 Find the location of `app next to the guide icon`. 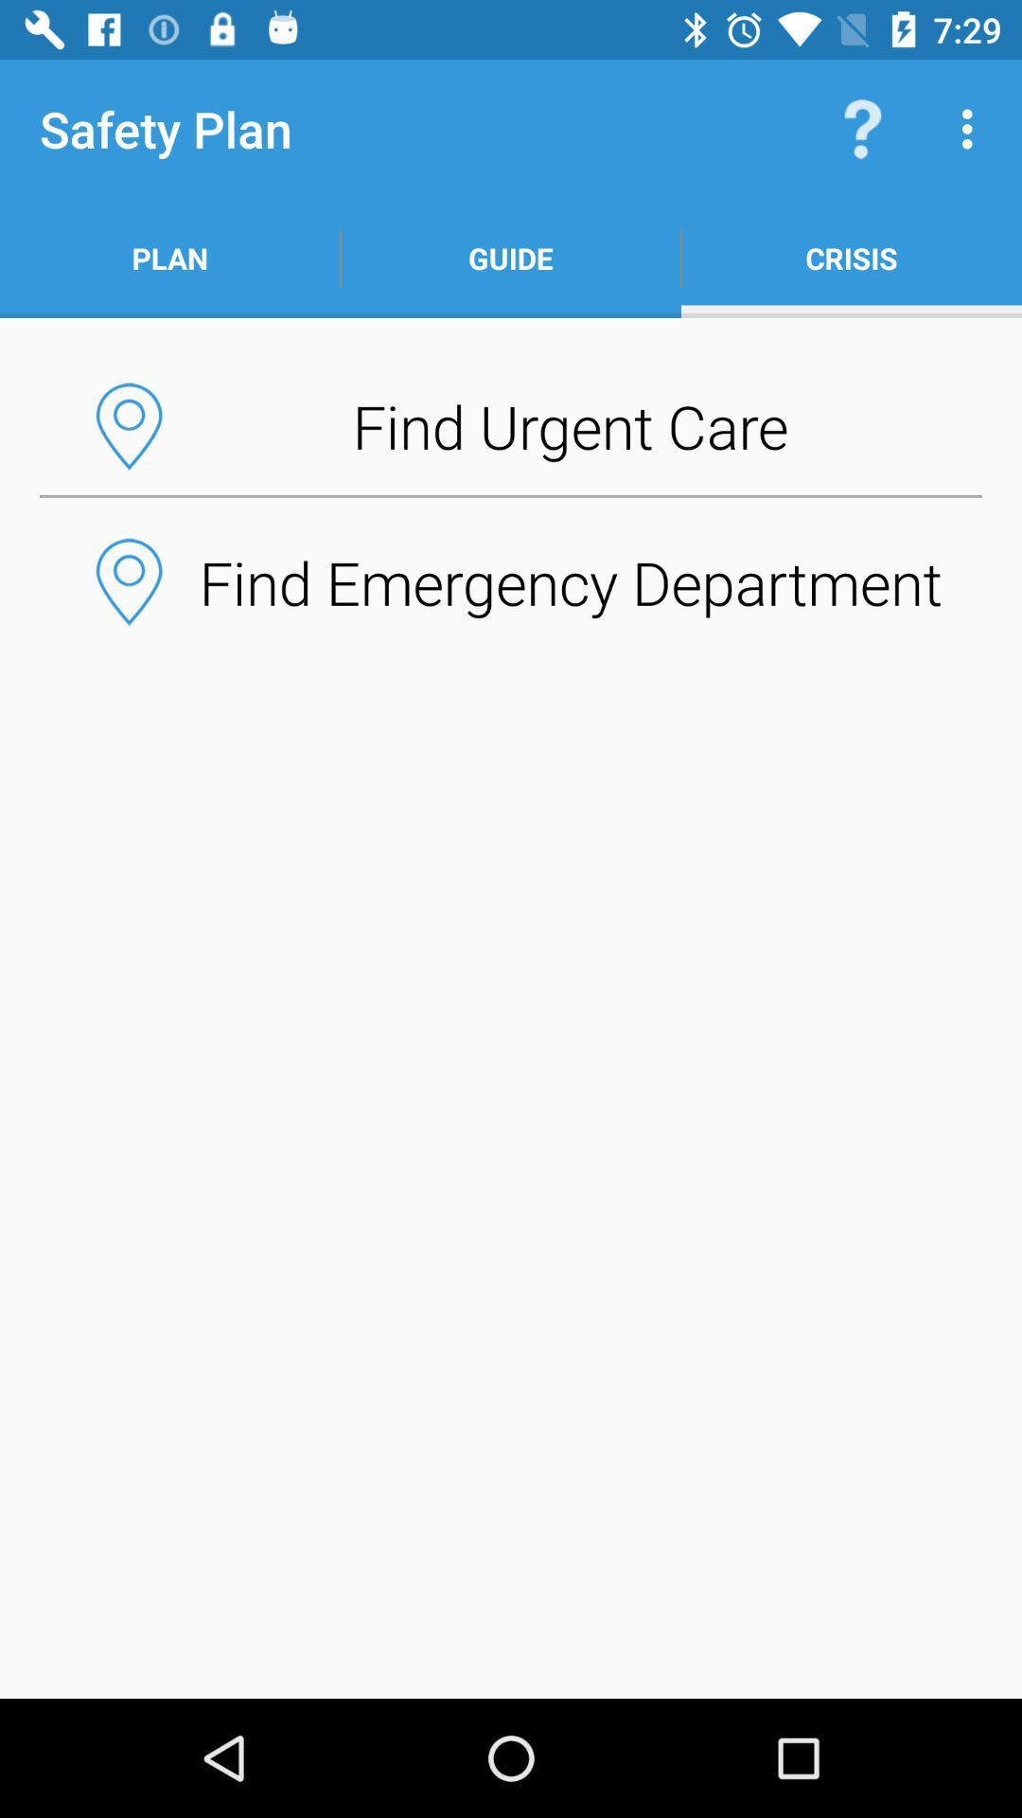

app next to the guide icon is located at coordinates (850, 258).